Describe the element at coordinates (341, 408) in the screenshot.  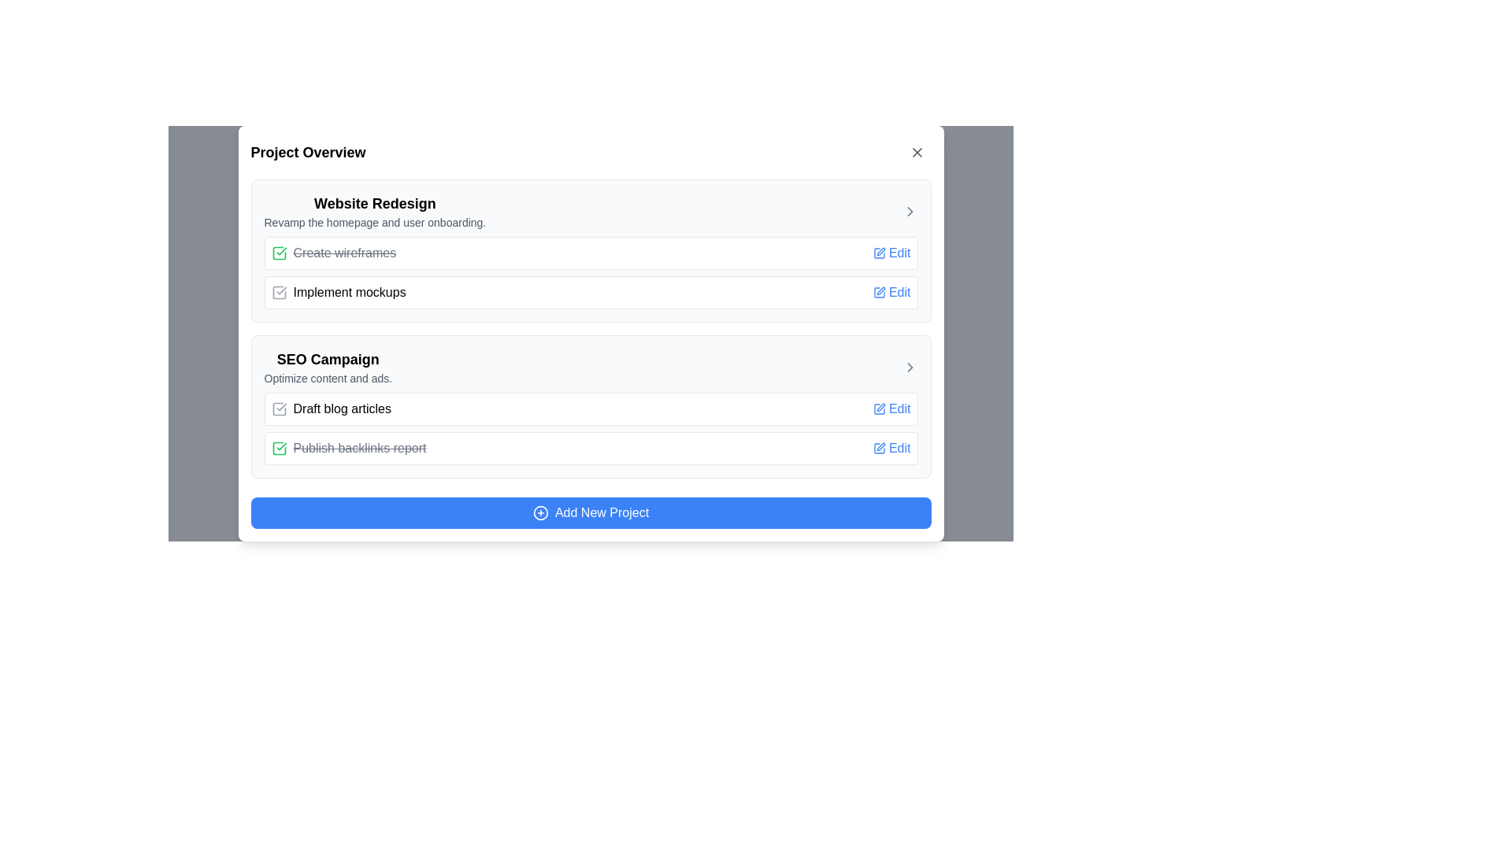
I see `text content of the label indicating a specific activity or subtask related to drafting blog articles in the 'SEO Campaign' project section, which is positioned to the right of a checkmark icon as the second task listed` at that location.